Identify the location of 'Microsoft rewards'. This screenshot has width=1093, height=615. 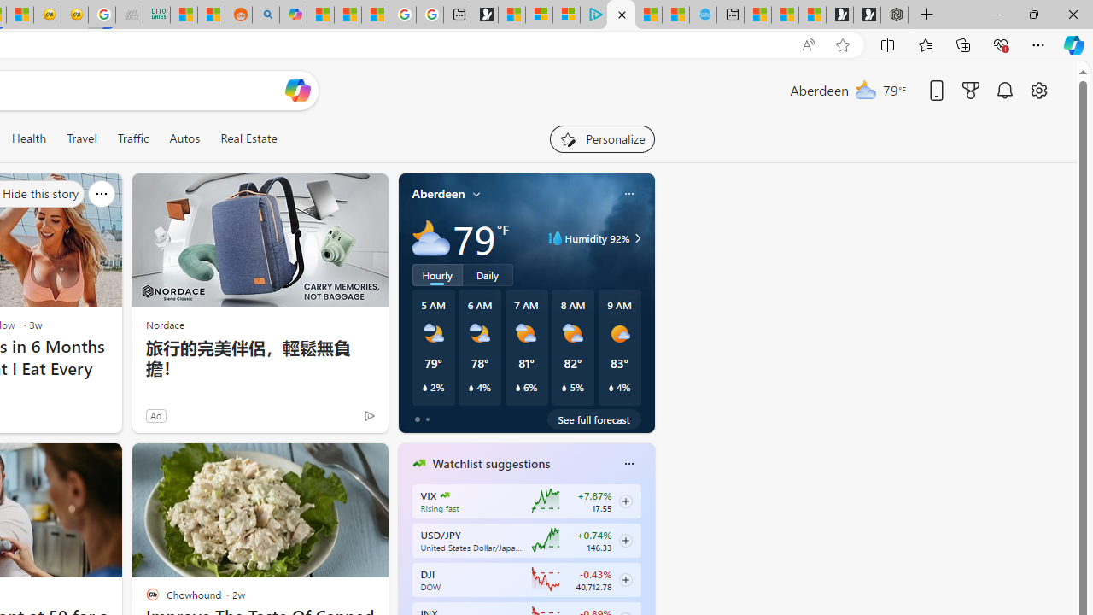
(971, 90).